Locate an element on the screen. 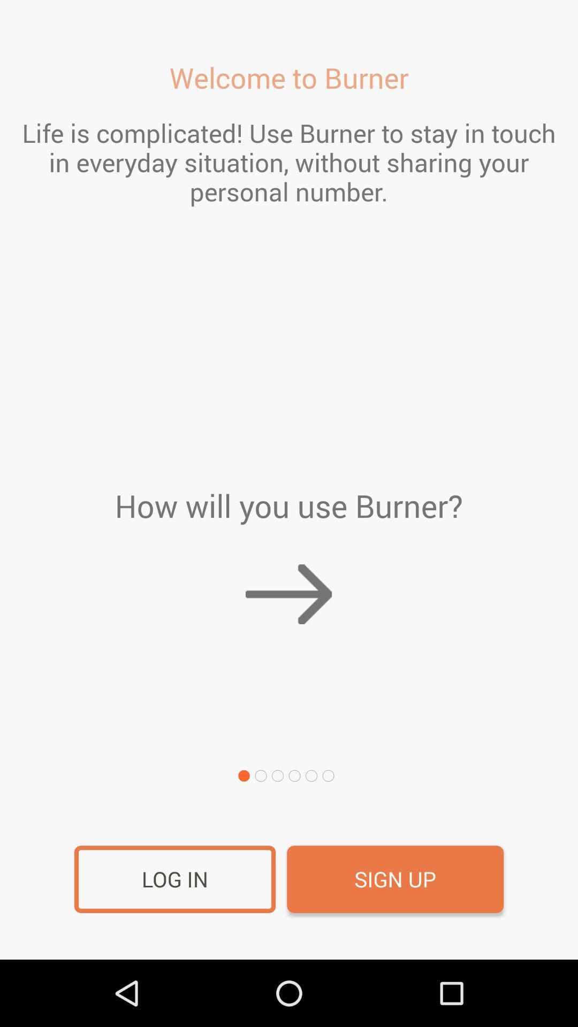 Image resolution: width=578 pixels, height=1027 pixels. the item at the bottom right corner is located at coordinates (395, 879).